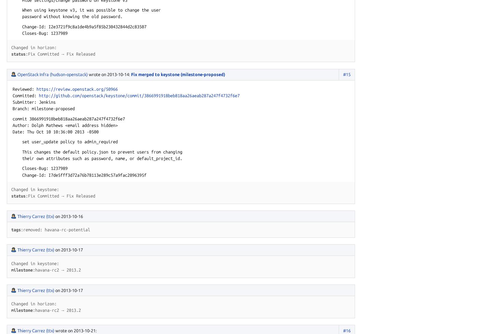  Describe the element at coordinates (48, 26) in the screenshot. I see `'Change-Id: I2e3721f9c8a1de'` at that location.